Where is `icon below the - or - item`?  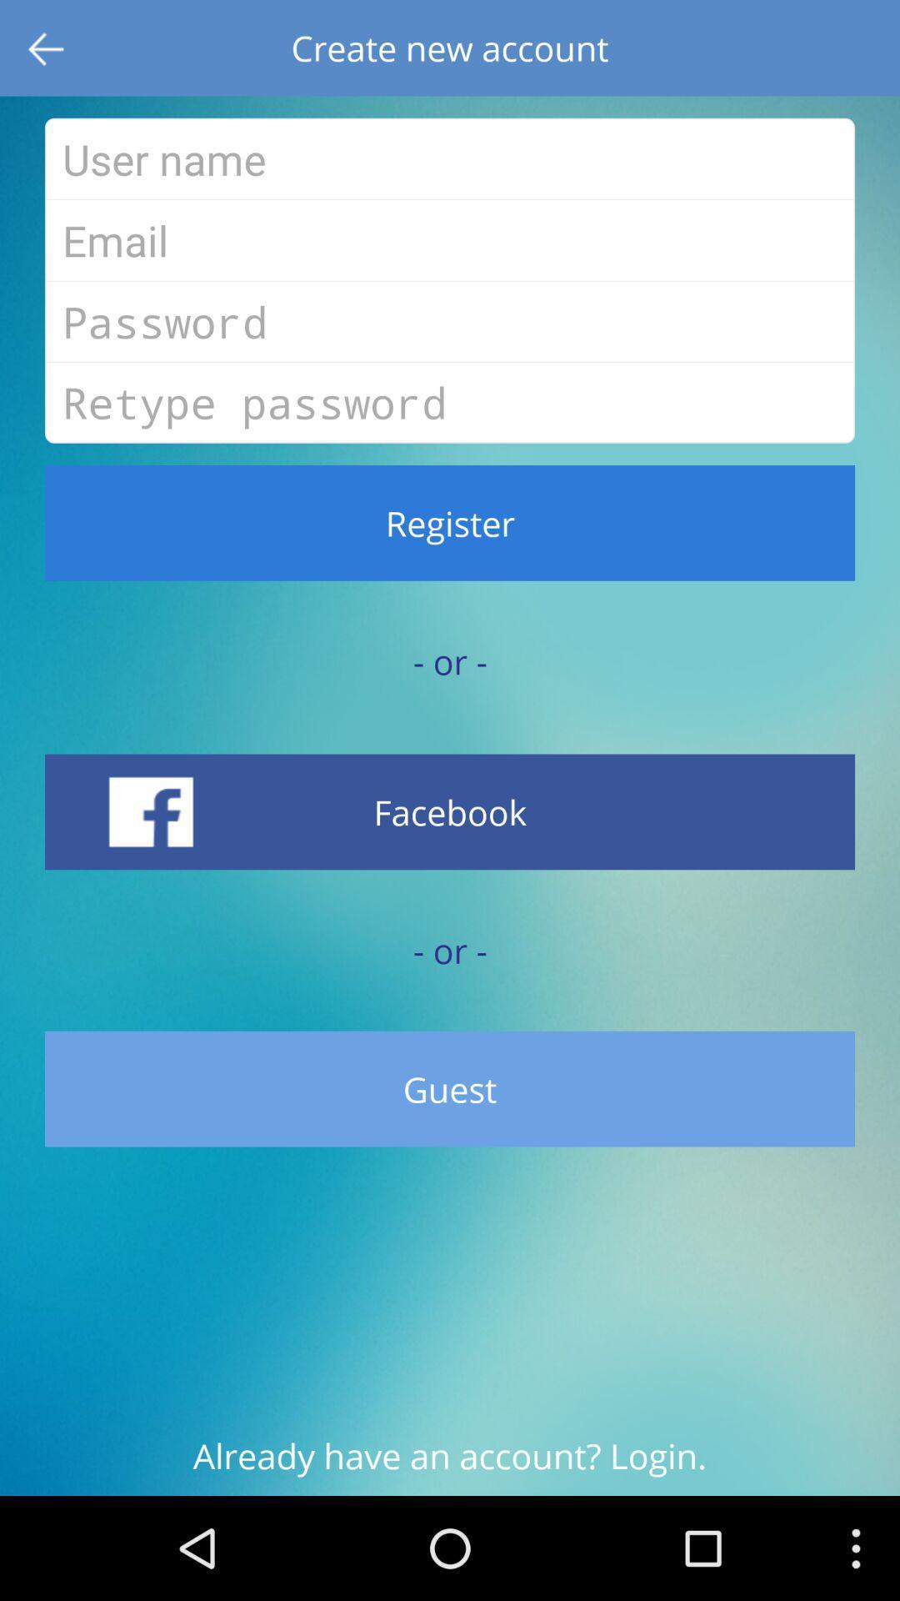
icon below the - or - item is located at coordinates (450, 811).